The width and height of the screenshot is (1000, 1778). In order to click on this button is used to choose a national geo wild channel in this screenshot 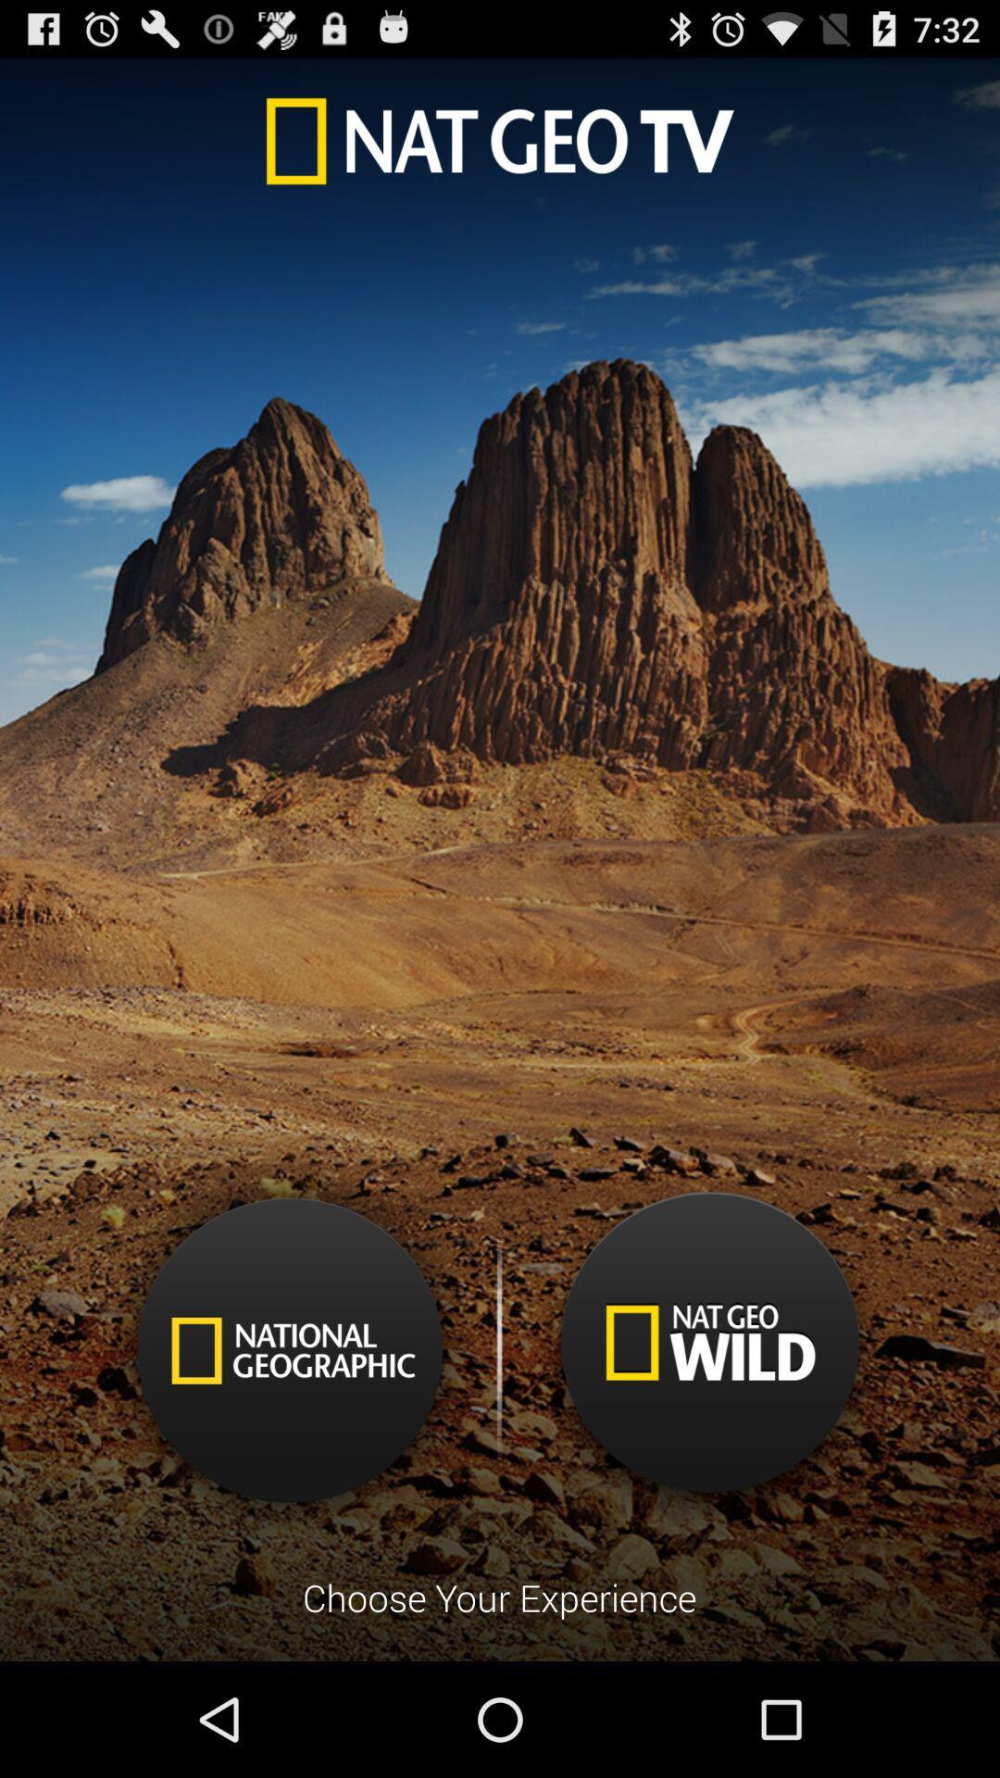, I will do `click(708, 1357)`.